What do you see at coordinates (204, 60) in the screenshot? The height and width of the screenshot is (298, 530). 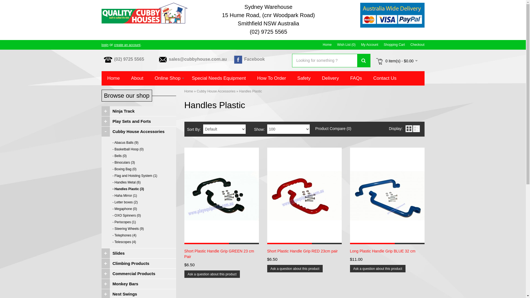 I see `'sales@cubbyhouse.com.au'` at bounding box center [204, 60].